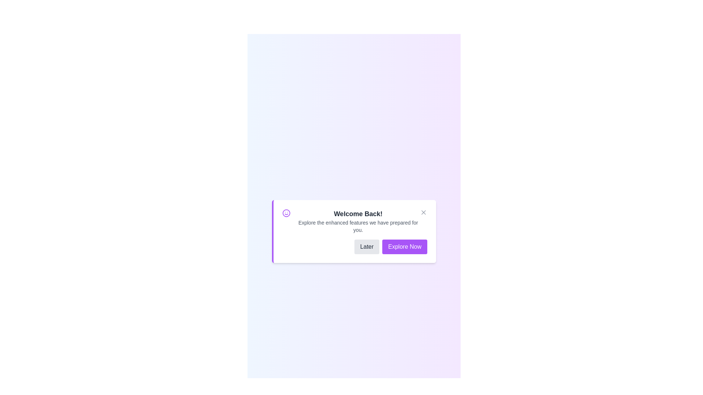 This screenshot has height=395, width=703. What do you see at coordinates (404, 247) in the screenshot?
I see `'Explore Now' button to proceed` at bounding box center [404, 247].